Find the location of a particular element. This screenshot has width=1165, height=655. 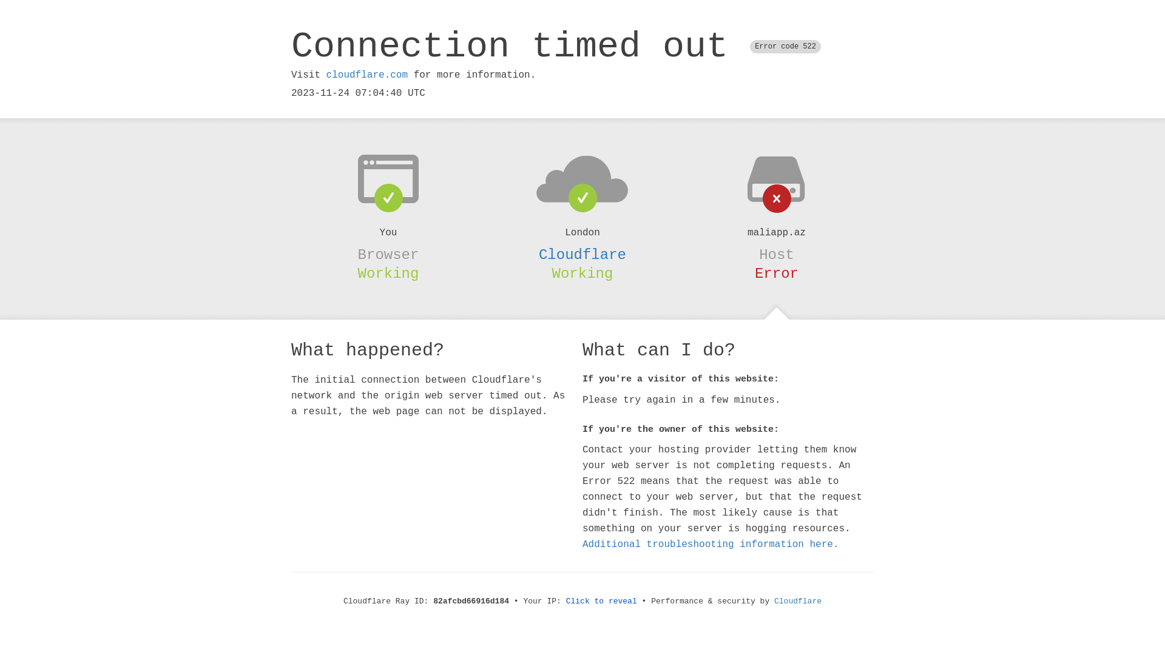

'Additional troubleshooting information here.' is located at coordinates (711, 544).